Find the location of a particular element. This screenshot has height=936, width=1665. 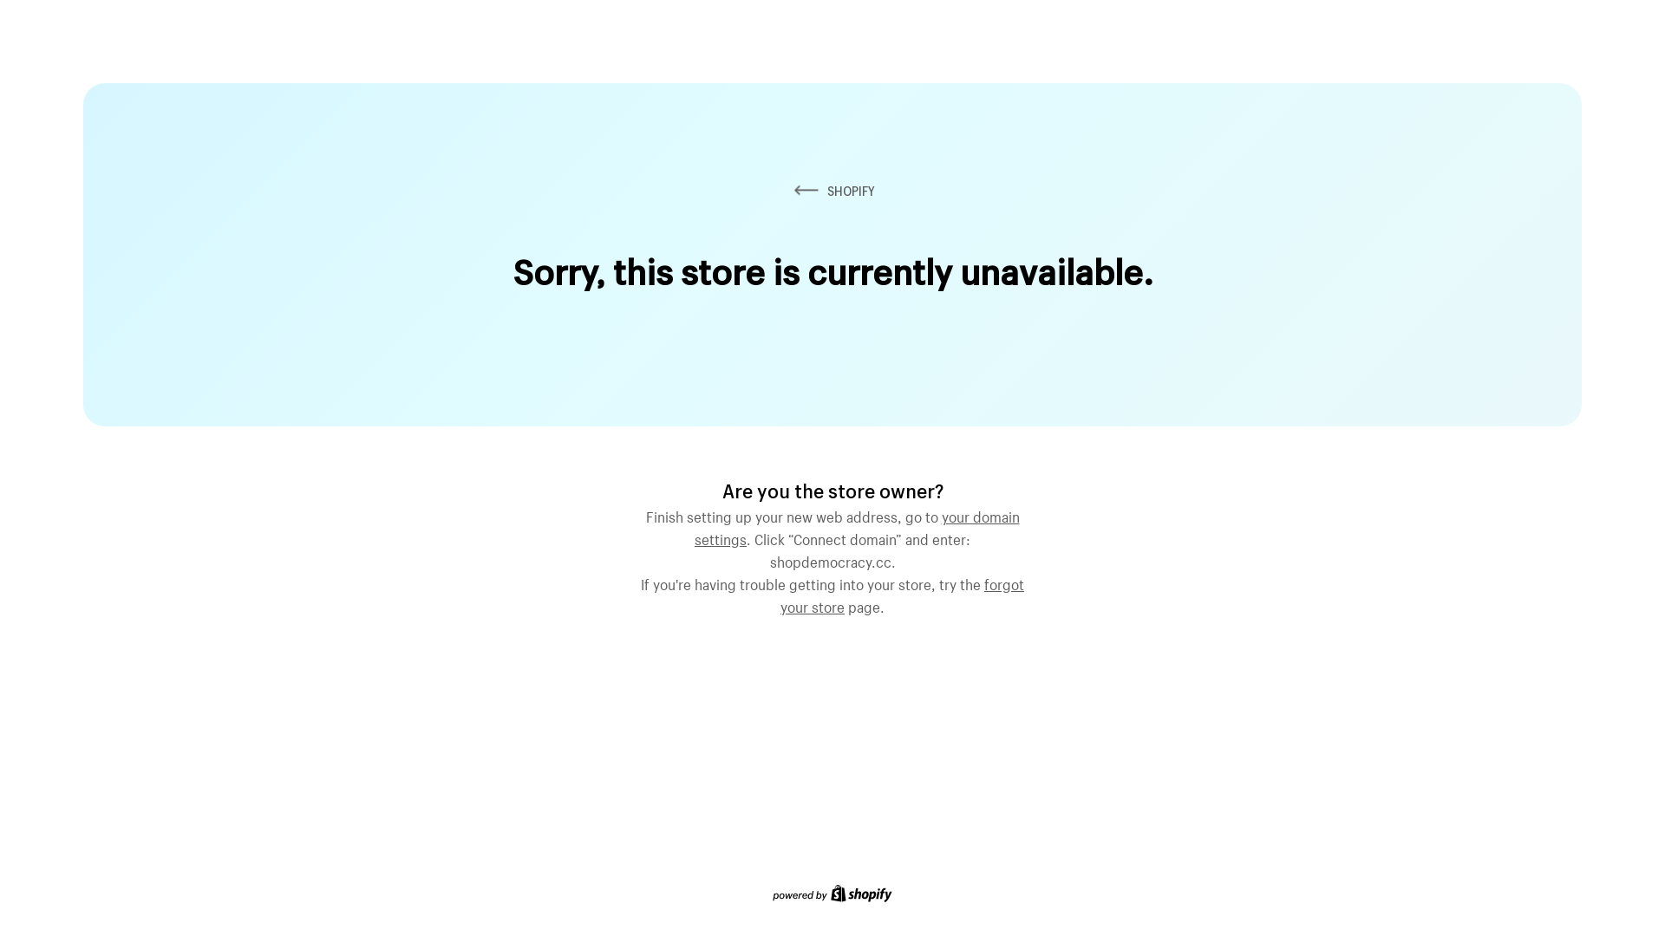

'SHOPIFY' is located at coordinates (832, 191).